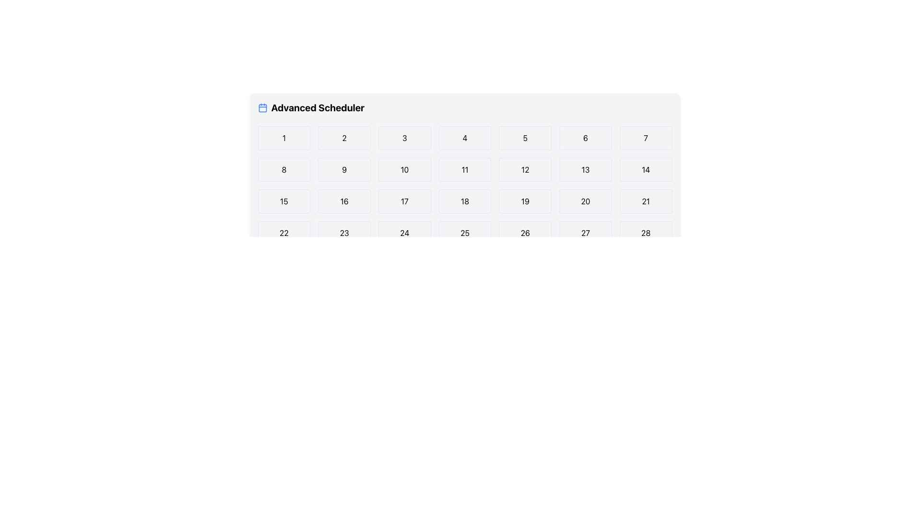  What do you see at coordinates (525, 138) in the screenshot?
I see `the button containing the numeral '5' in the first row of the grid beneath 'Advanced Scheduler'` at bounding box center [525, 138].